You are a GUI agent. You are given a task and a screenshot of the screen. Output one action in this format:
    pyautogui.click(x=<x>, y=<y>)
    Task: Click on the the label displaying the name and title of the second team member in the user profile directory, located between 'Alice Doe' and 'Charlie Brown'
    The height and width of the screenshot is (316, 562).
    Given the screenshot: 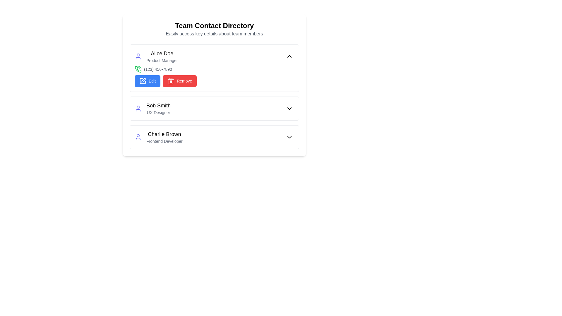 What is the action you would take?
    pyautogui.click(x=153, y=108)
    